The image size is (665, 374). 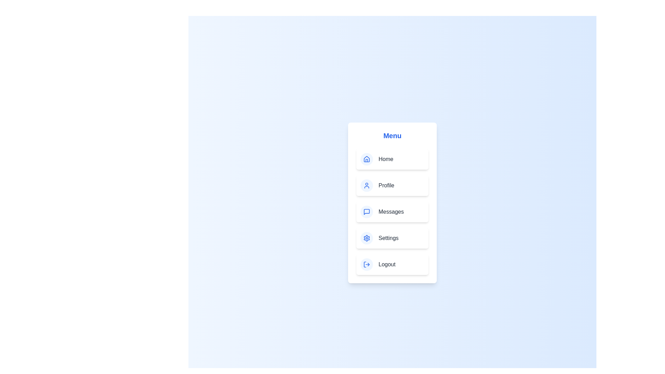 What do you see at coordinates (392, 159) in the screenshot?
I see `the menu item labeled Home` at bounding box center [392, 159].